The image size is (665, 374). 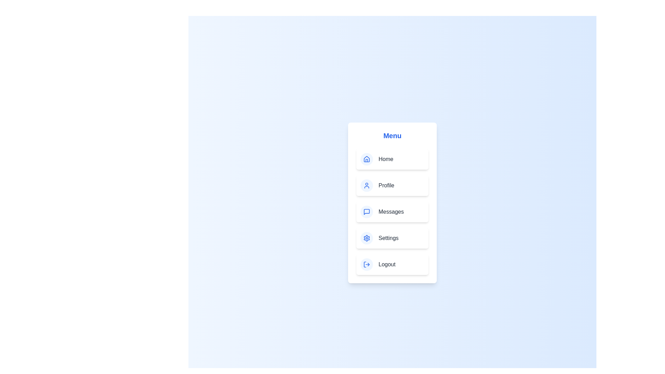 What do you see at coordinates (392, 159) in the screenshot?
I see `the menu item labeled Home` at bounding box center [392, 159].